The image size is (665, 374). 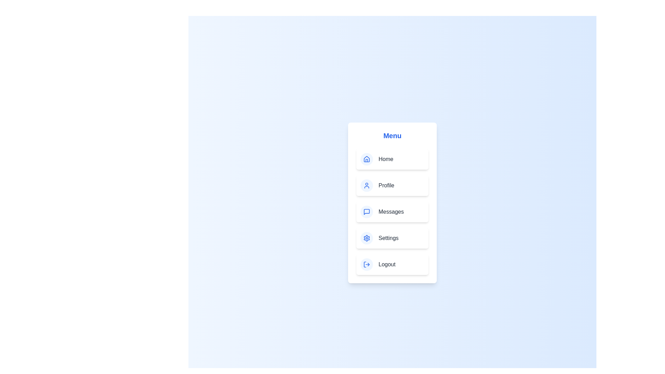 What do you see at coordinates (392, 159) in the screenshot?
I see `the menu item labeled Home` at bounding box center [392, 159].